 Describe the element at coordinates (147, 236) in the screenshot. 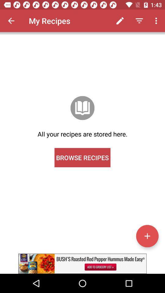

I see `recipe` at that location.